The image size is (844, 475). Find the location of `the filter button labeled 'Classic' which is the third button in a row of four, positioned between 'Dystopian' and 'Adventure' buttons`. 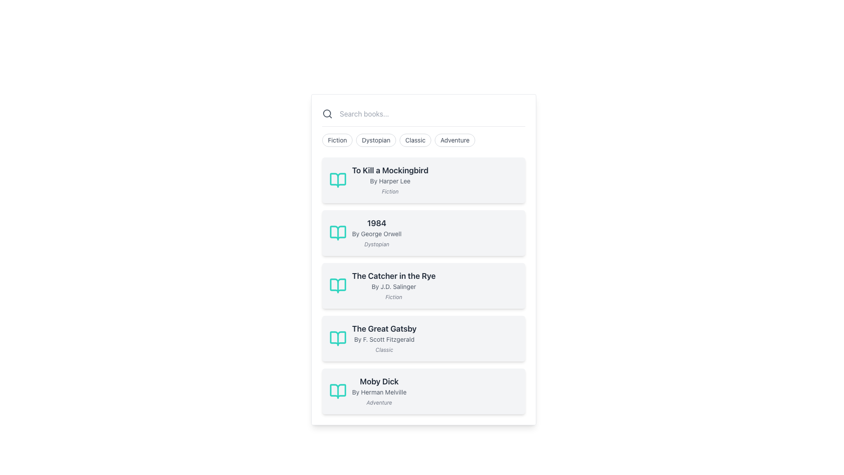

the filter button labeled 'Classic' which is the third button in a row of four, positioned between 'Dystopian' and 'Adventure' buttons is located at coordinates (415, 140).